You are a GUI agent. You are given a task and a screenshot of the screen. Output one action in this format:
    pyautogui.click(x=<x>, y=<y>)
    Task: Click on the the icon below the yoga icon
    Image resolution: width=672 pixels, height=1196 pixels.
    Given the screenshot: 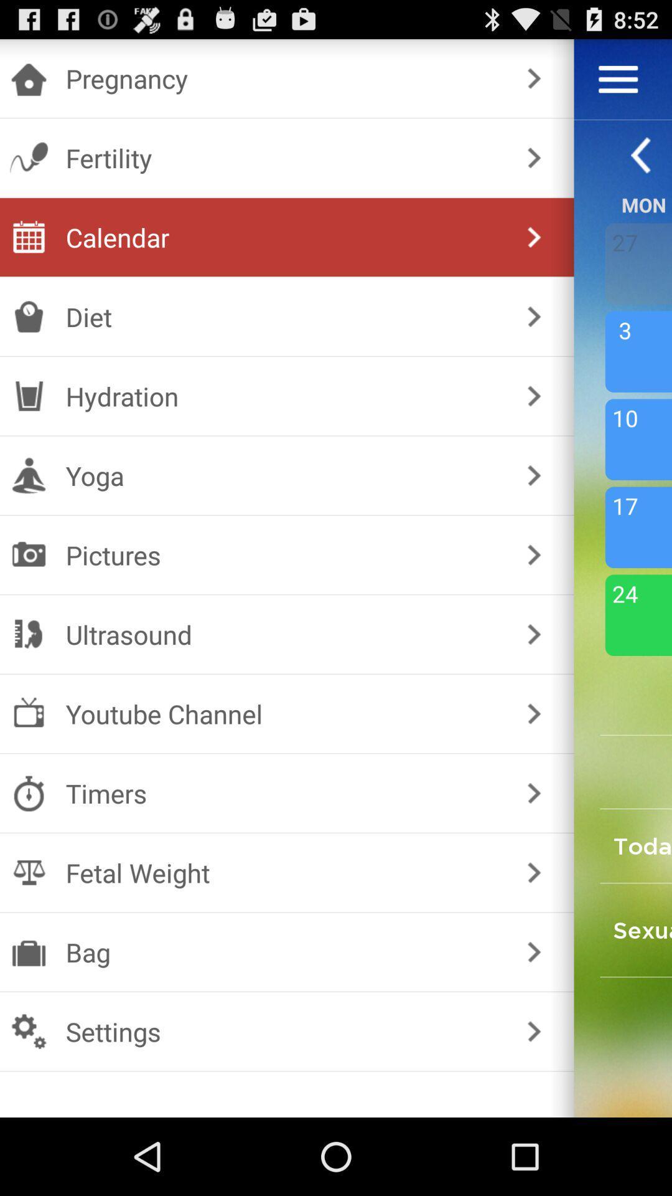 What is the action you would take?
    pyautogui.click(x=284, y=554)
    